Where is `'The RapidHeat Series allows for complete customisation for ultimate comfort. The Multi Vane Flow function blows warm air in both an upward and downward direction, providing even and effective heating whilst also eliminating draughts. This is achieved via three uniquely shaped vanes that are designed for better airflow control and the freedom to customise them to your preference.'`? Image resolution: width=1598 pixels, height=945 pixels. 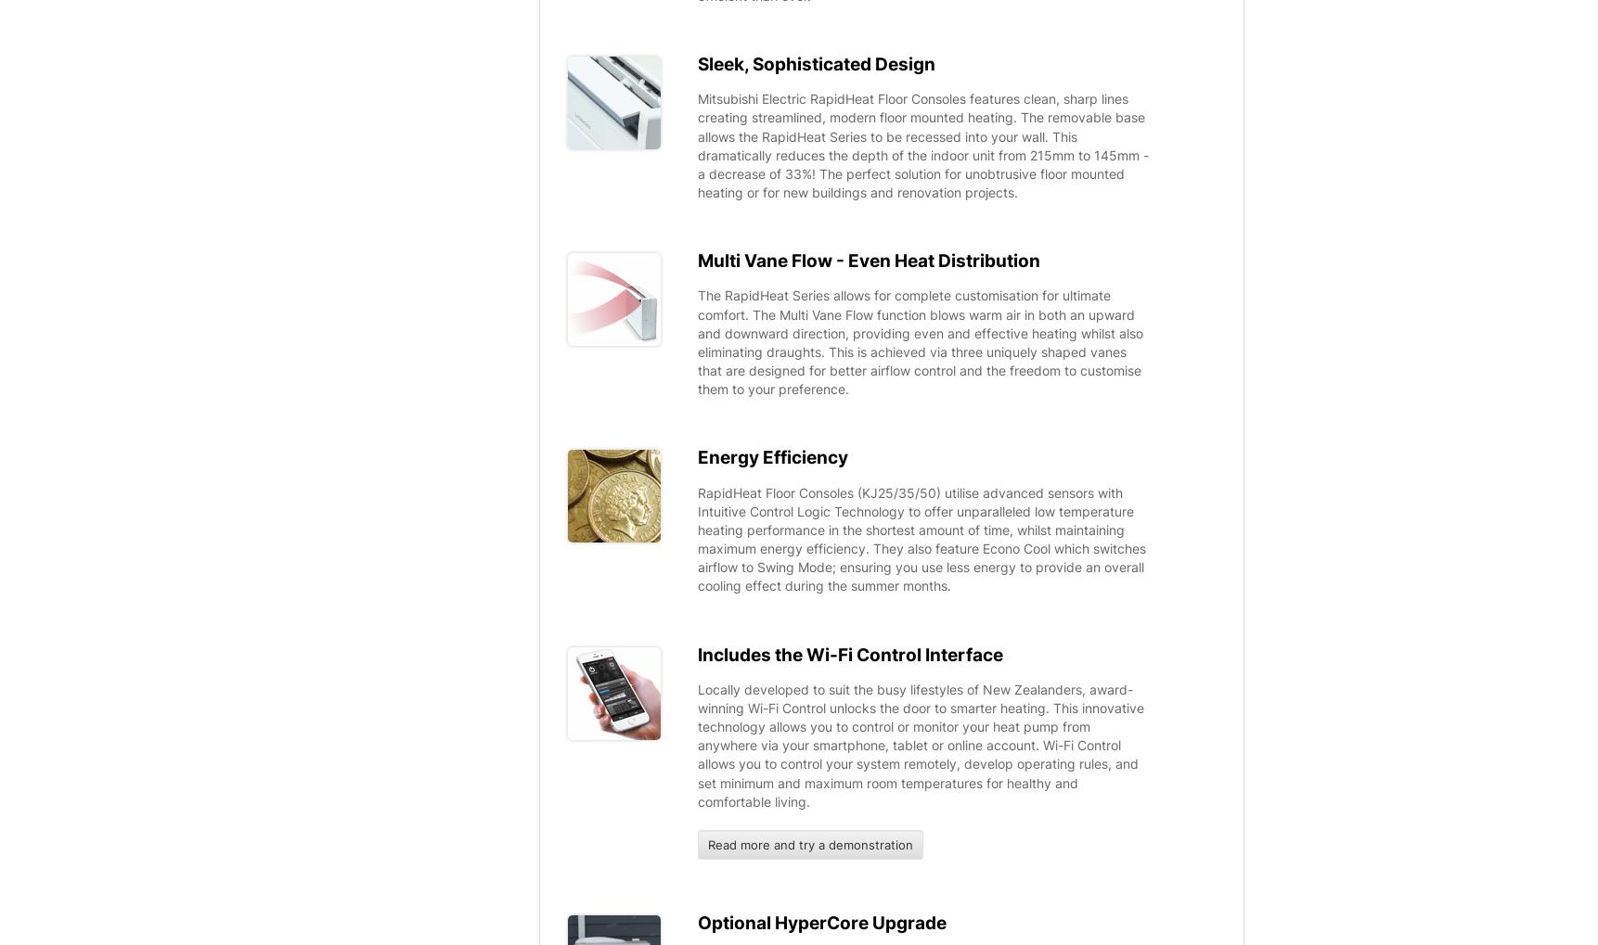
'The RapidHeat Series allows for complete customisation for ultimate comfort. The Multi Vane Flow function blows warm air in both an upward and downward direction, providing even and effective heating whilst also eliminating draughts. This is achieved via three uniquely shaped vanes that are designed for better airflow control and the freedom to customise them to your preference.' is located at coordinates (921, 341).